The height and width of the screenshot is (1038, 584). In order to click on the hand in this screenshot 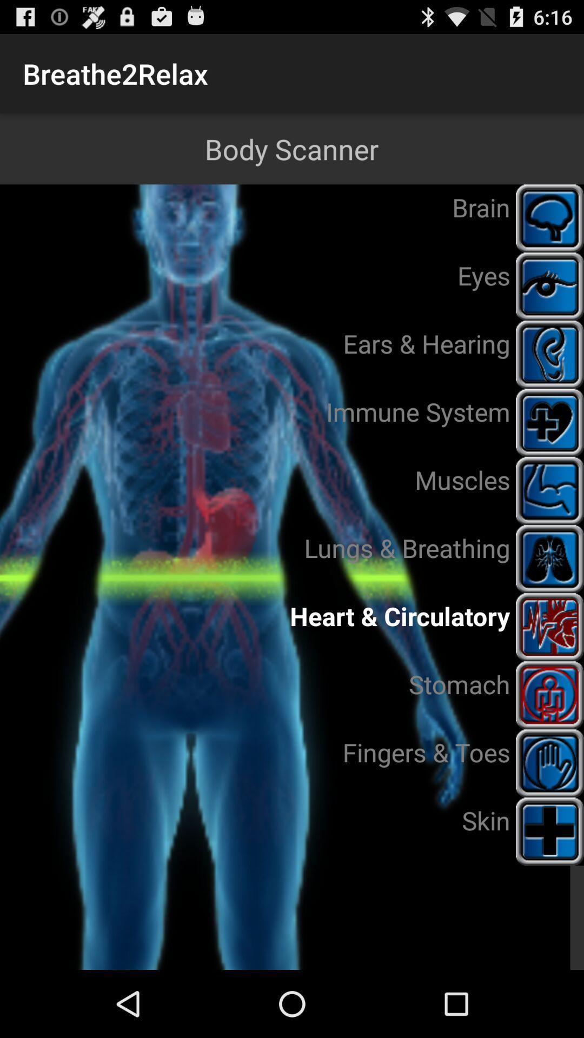, I will do `click(550, 762)`.